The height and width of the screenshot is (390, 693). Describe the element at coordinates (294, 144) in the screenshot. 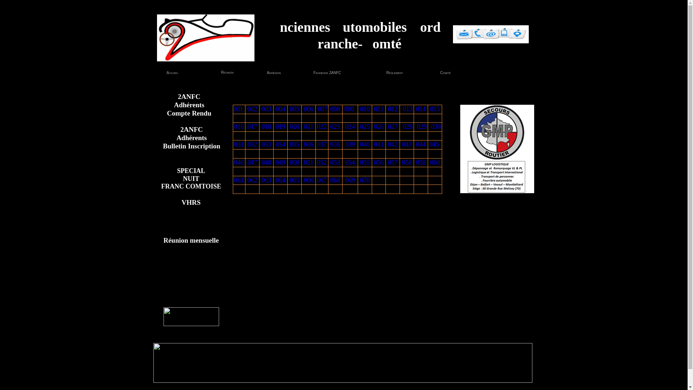

I see `'035'` at that location.